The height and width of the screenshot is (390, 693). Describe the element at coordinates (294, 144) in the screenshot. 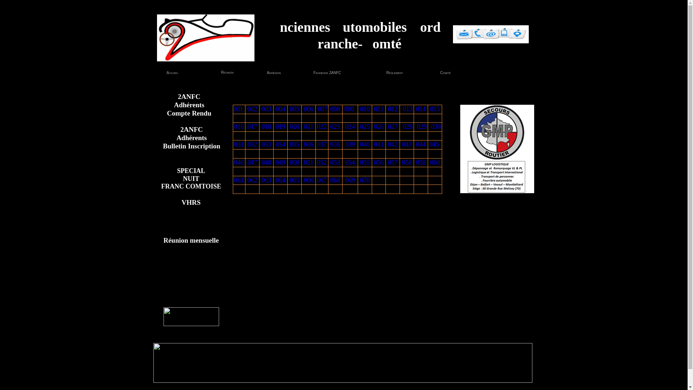

I see `'035'` at that location.